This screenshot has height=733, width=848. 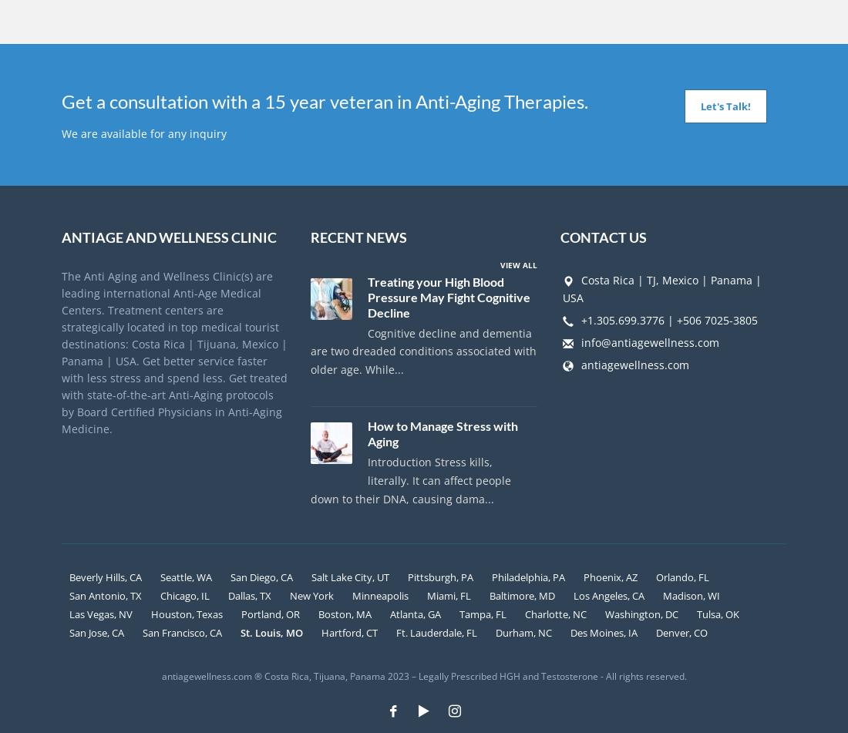 What do you see at coordinates (495, 631) in the screenshot?
I see `'Durham, NC'` at bounding box center [495, 631].